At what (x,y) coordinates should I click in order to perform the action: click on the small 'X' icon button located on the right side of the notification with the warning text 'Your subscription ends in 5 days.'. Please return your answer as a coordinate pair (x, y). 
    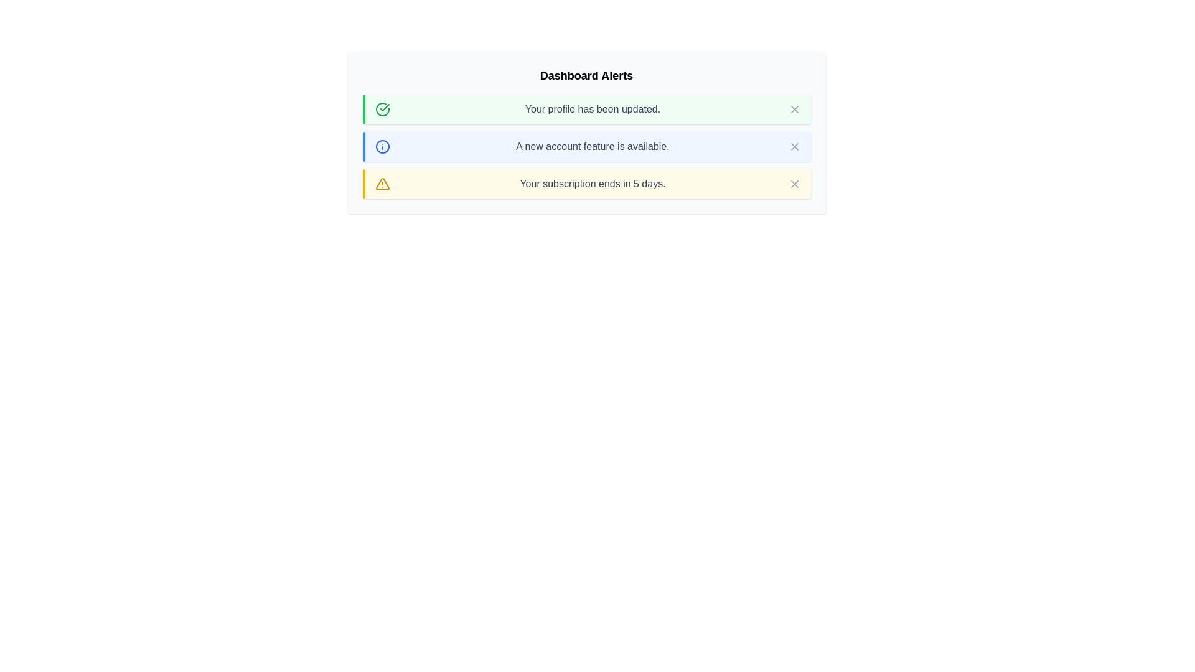
    Looking at the image, I should click on (794, 184).